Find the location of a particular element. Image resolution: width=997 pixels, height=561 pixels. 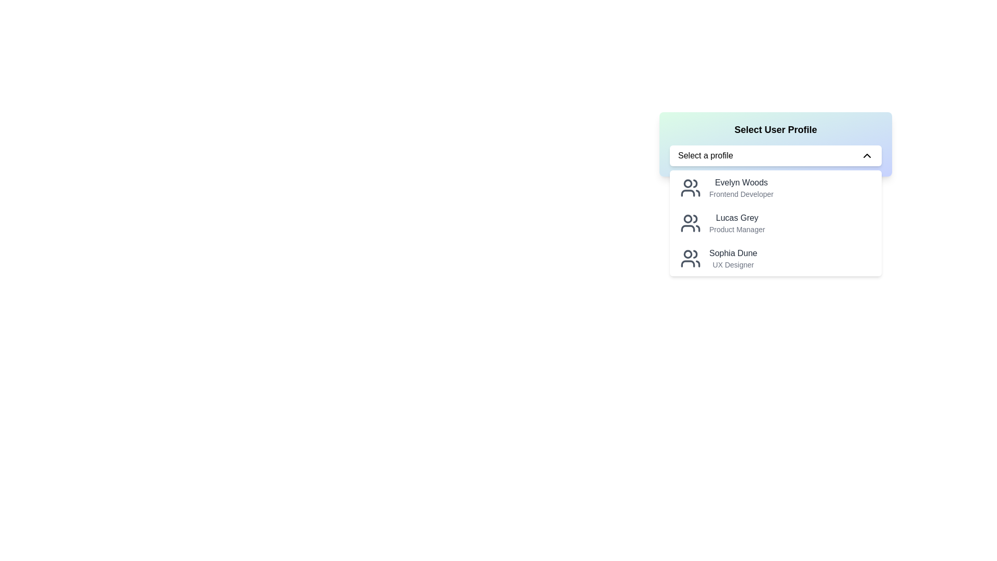

the SVG icon representing a group of users styled in a two-tone outline design, located to the left of the text 'Lucas Grey' and 'Product Manager' in the user profile selection dropdown menu is located at coordinates (690, 222).